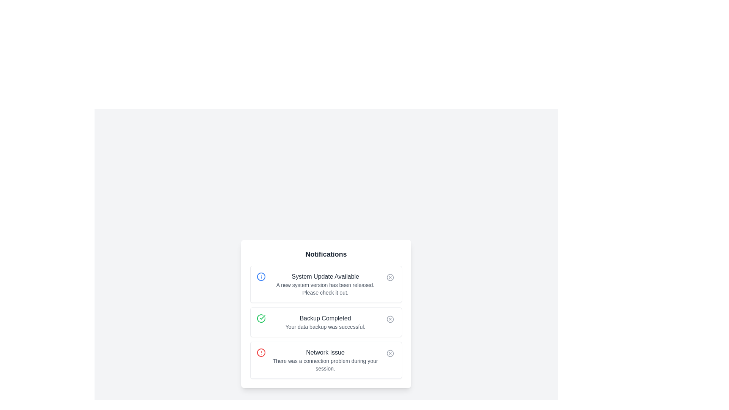  What do you see at coordinates (261, 277) in the screenshot?
I see `the SVG Circle element within the notifications panel that indicates an information icon for the 'System Update Available' notification` at bounding box center [261, 277].